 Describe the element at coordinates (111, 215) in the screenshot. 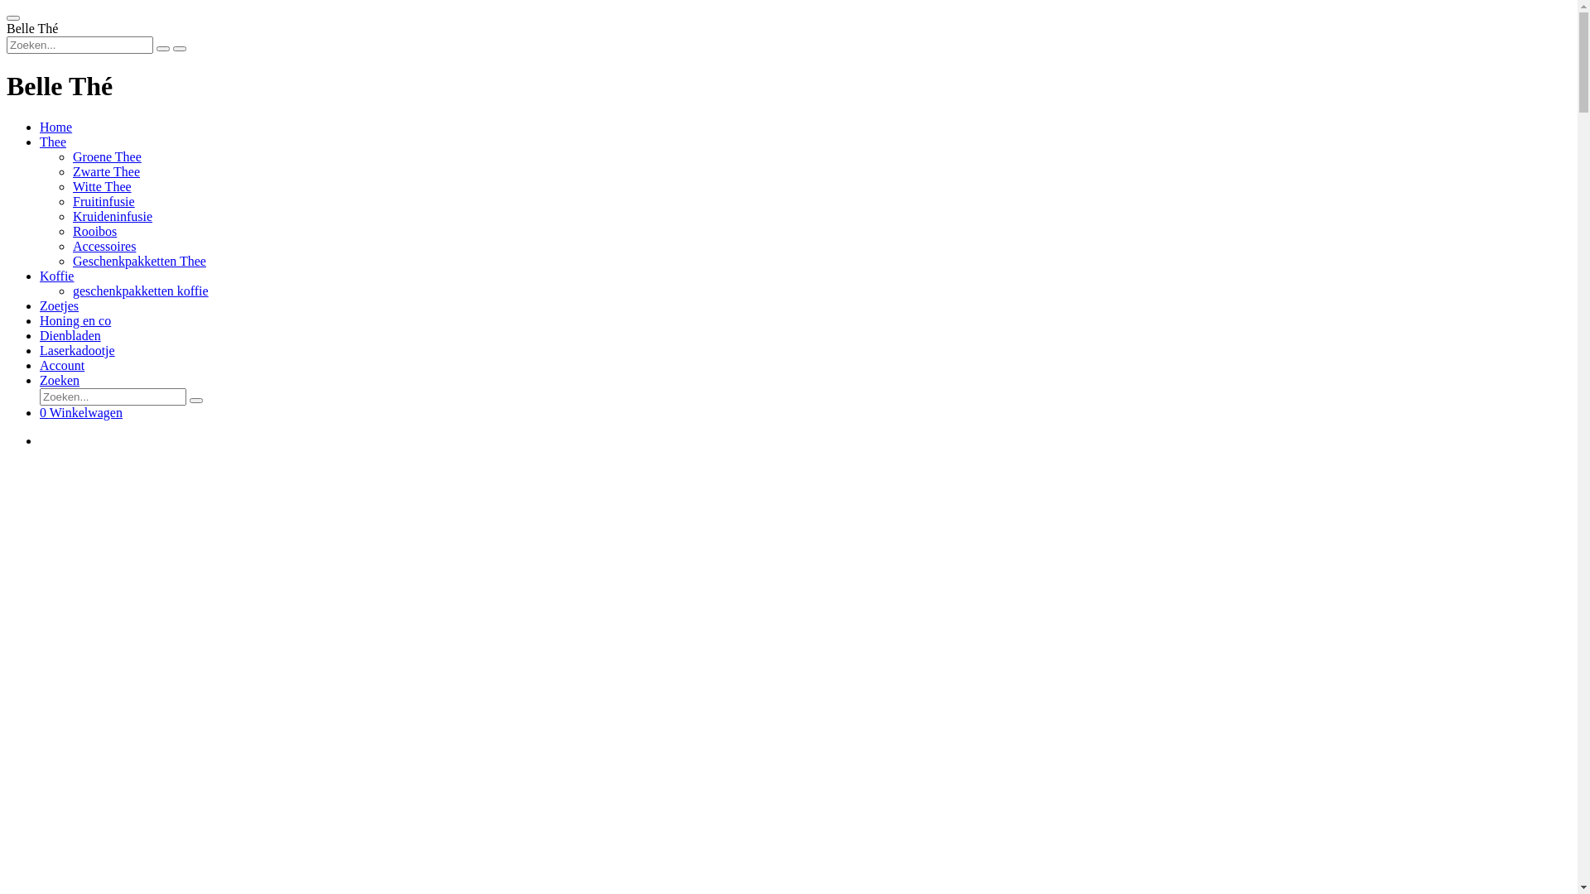

I see `'Kruideninfusie'` at that location.